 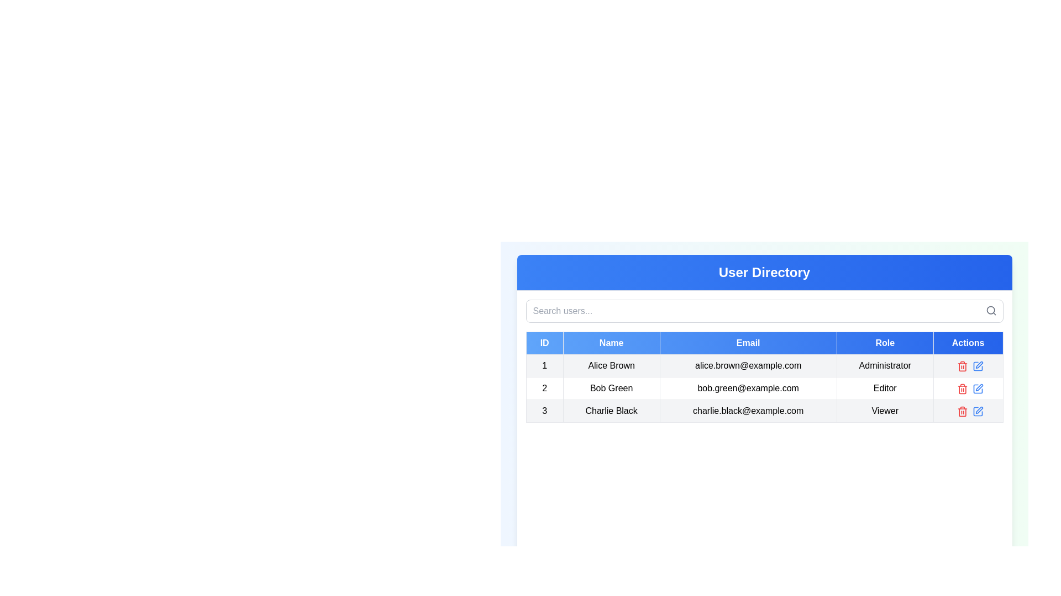 What do you see at coordinates (978, 366) in the screenshot?
I see `the edit icon located in the actions column of the last row in the User Directory table, immediately to the right of the 'Viewer' role field` at bounding box center [978, 366].